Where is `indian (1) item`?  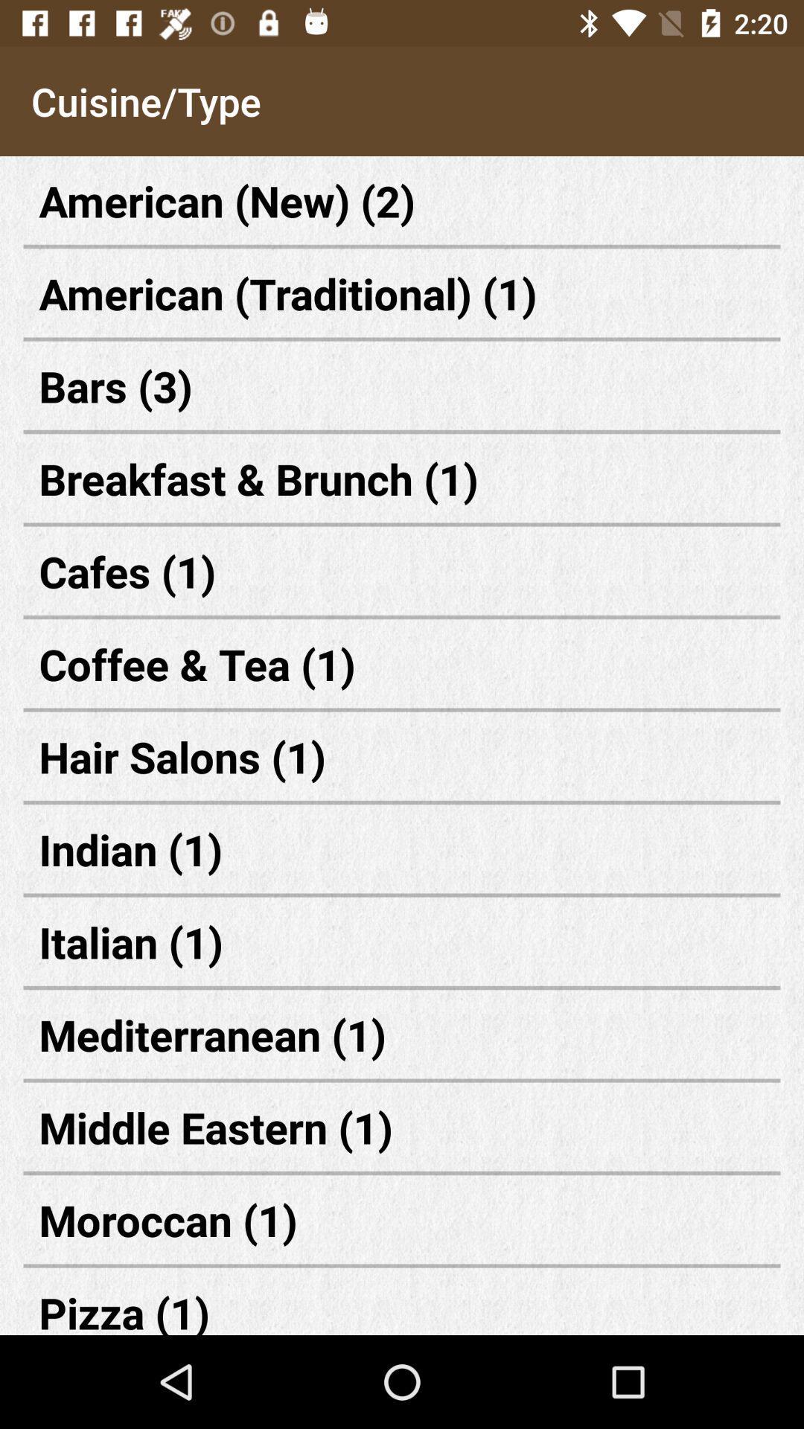 indian (1) item is located at coordinates (402, 849).